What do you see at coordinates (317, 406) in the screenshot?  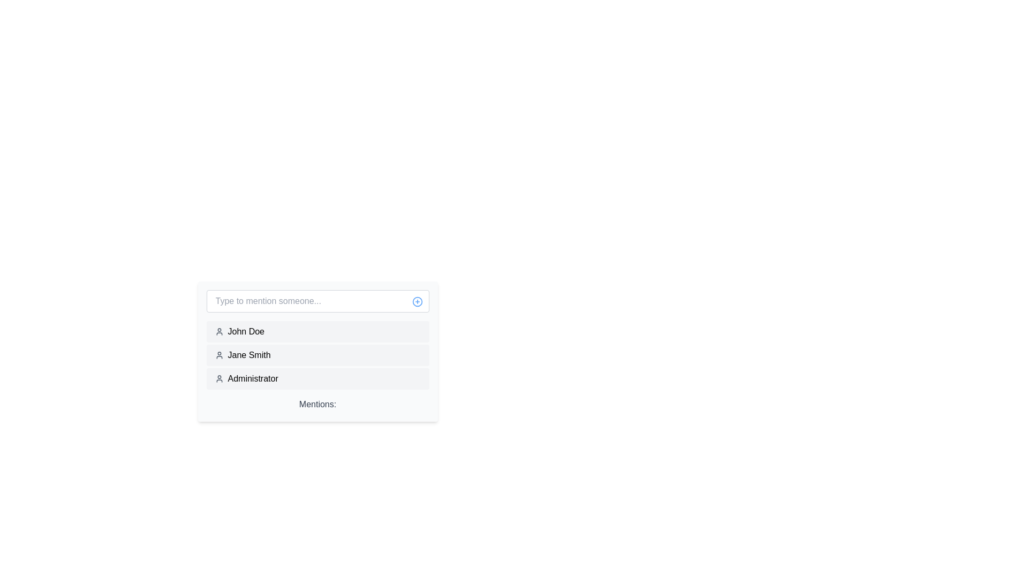 I see `the label located beneath the list of user names which includes 'John Doe', 'Jane Smith', and 'Administrator'` at bounding box center [317, 406].